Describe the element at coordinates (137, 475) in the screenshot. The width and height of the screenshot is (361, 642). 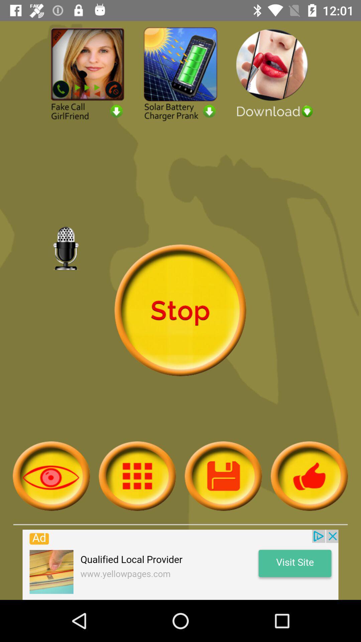
I see `more` at that location.